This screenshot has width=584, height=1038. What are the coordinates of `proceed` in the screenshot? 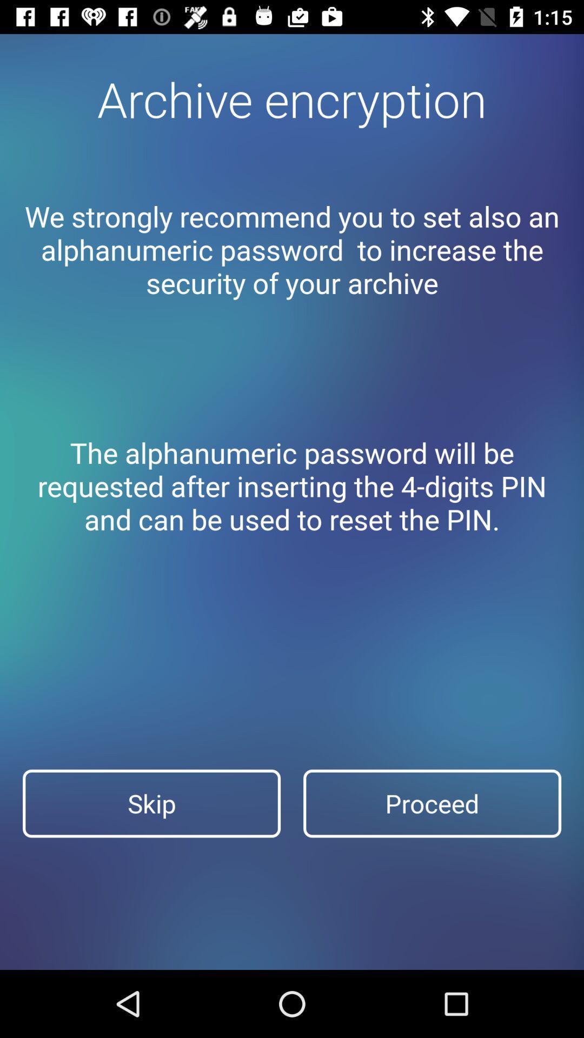 It's located at (432, 803).